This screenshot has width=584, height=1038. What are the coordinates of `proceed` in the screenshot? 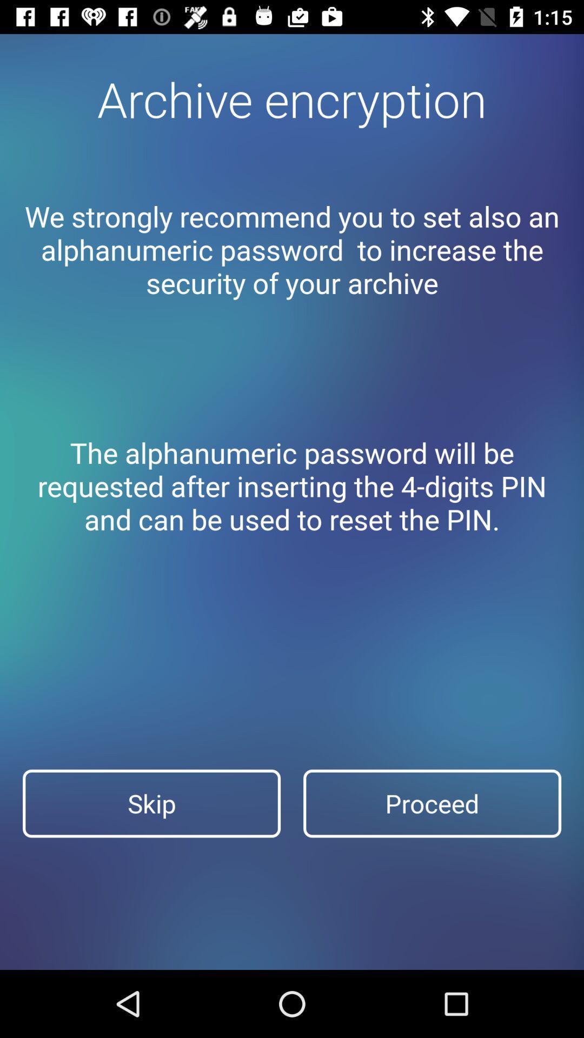 It's located at (432, 803).